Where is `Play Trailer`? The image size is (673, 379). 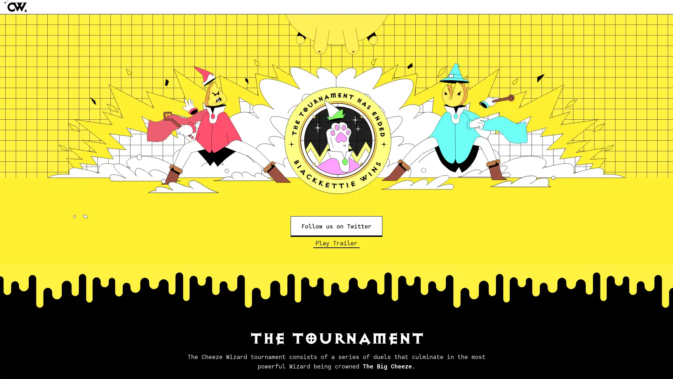
Play Trailer is located at coordinates (336, 243).